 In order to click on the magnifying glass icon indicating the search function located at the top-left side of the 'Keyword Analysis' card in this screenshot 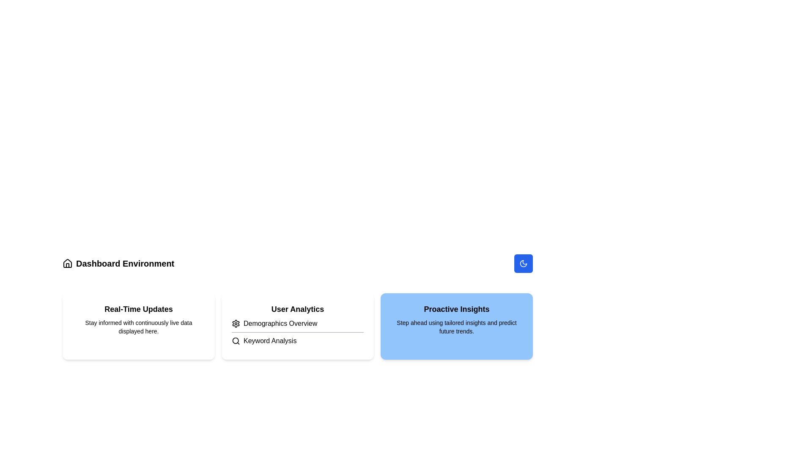, I will do `click(236, 341)`.